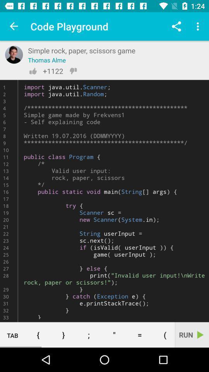 The height and width of the screenshot is (372, 209). I want to click on the item below the import java util, so click(88, 334).